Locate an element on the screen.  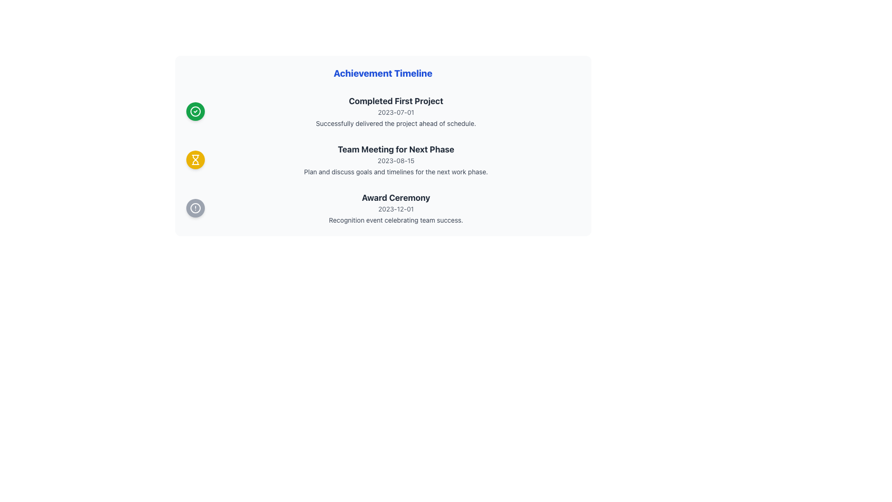
the status indicator icon for the first milestone, which signifies that the associated task 'Completed First Project' has been achieved, located in the Achievement Timeline interface is located at coordinates (195, 111).